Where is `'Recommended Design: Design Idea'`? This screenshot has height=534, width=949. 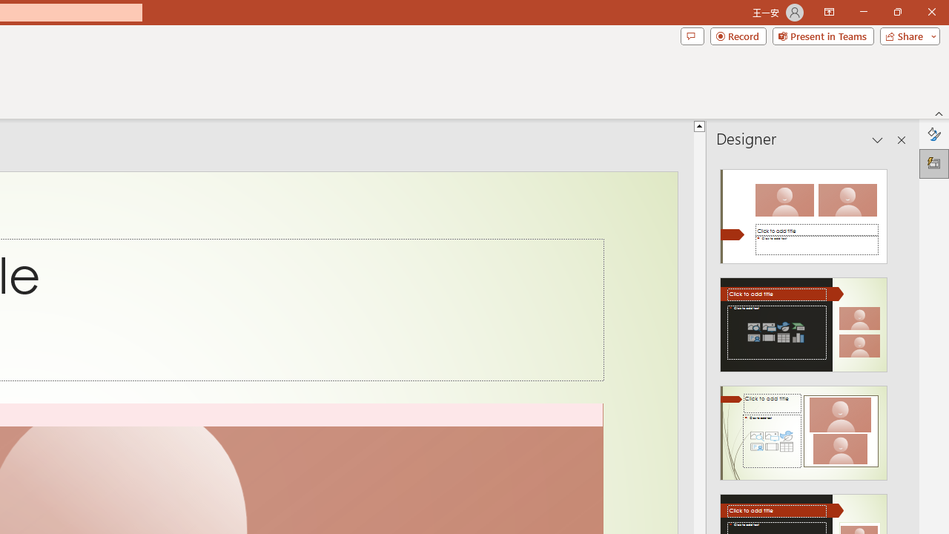 'Recommended Design: Design Idea' is located at coordinates (803, 212).